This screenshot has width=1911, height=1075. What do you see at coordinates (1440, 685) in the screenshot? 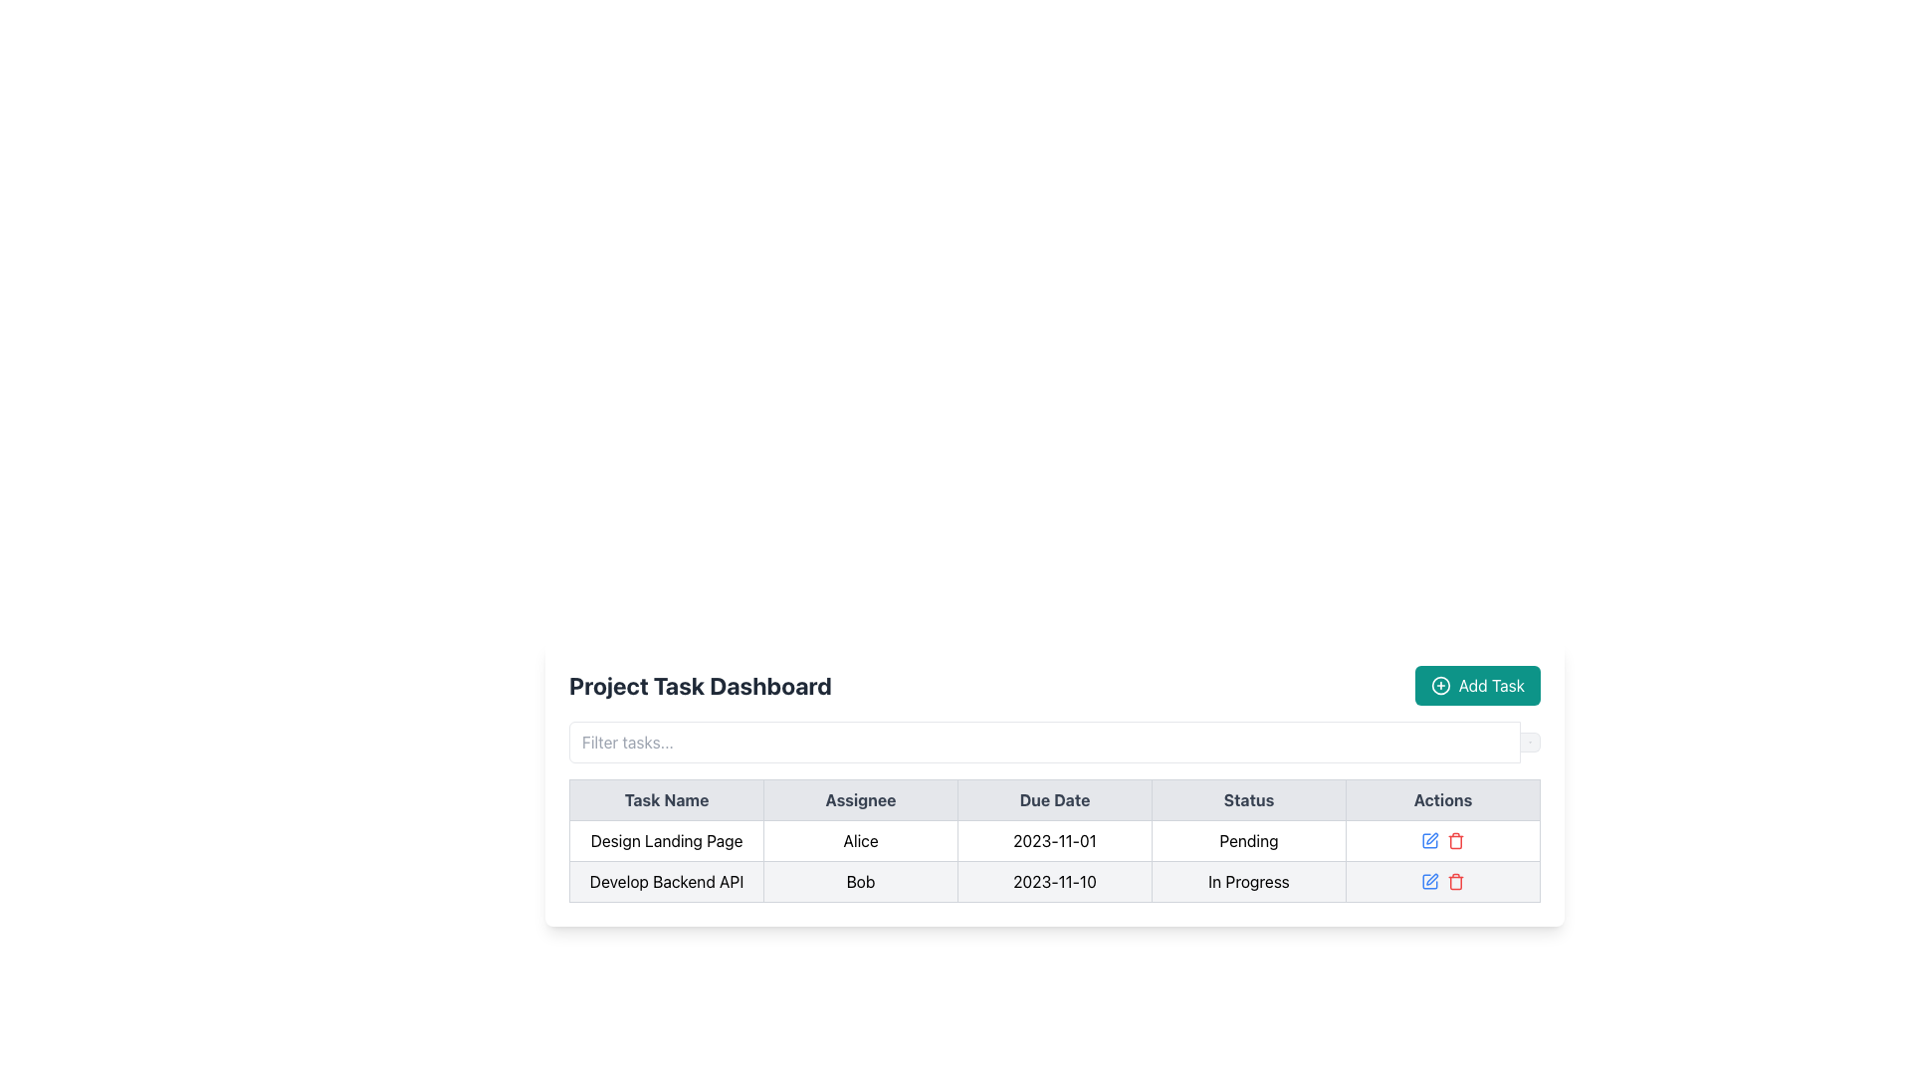
I see `the circular icon that is part of the 'Add Task' button located at the upper-right corner of the interface` at bounding box center [1440, 685].